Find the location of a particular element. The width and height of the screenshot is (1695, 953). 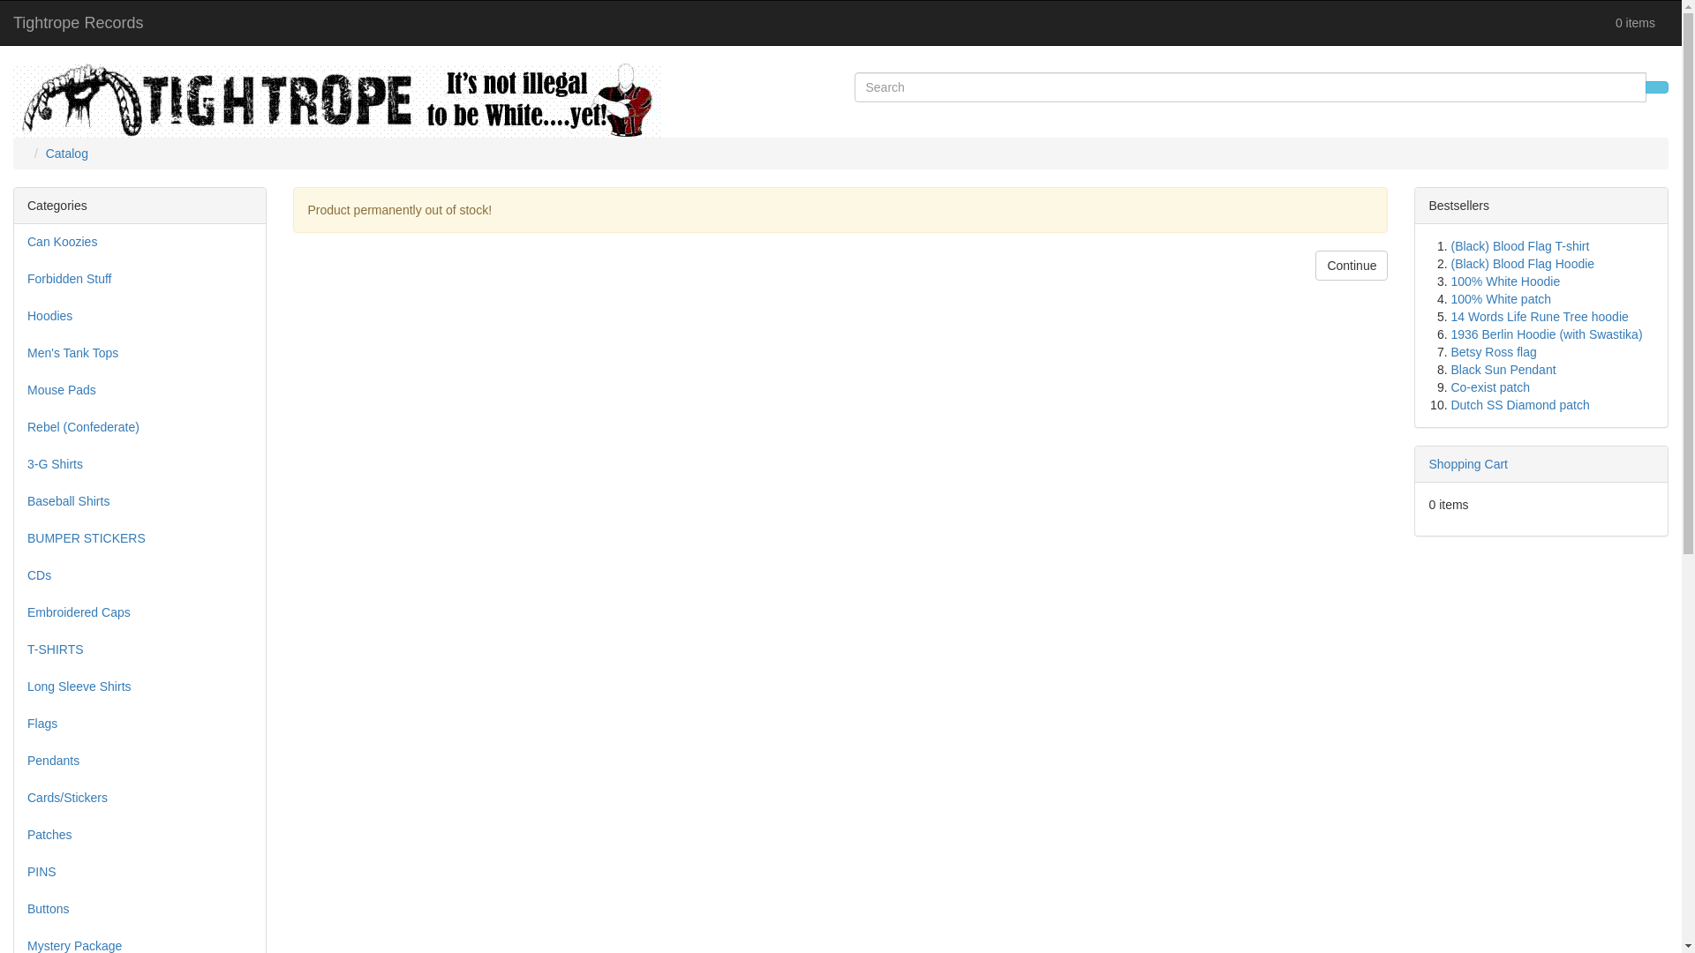

'Cards/Stickers' is located at coordinates (139, 797).